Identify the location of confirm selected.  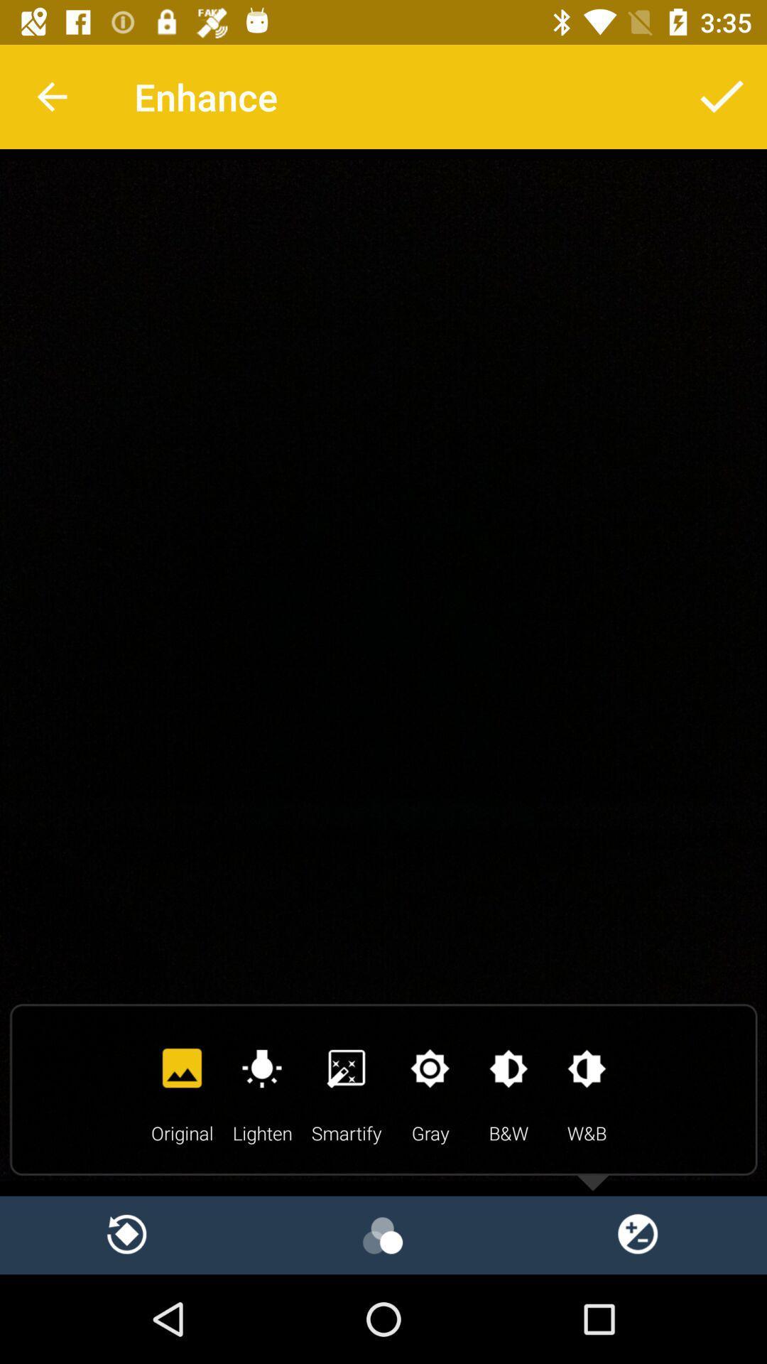
(722, 96).